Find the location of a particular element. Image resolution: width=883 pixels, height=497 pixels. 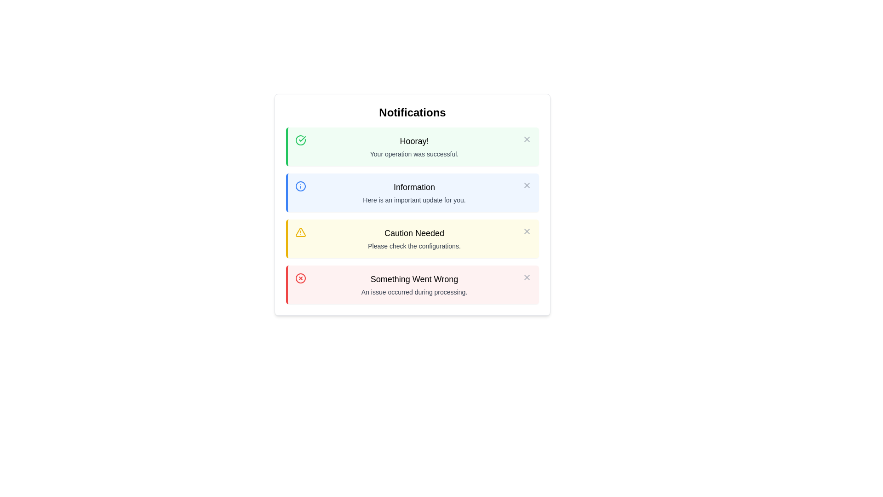

the notification titled 'Something Went Wrong' which is the last notification in the vertical list, styled with a red border and light red background is located at coordinates (412, 284).